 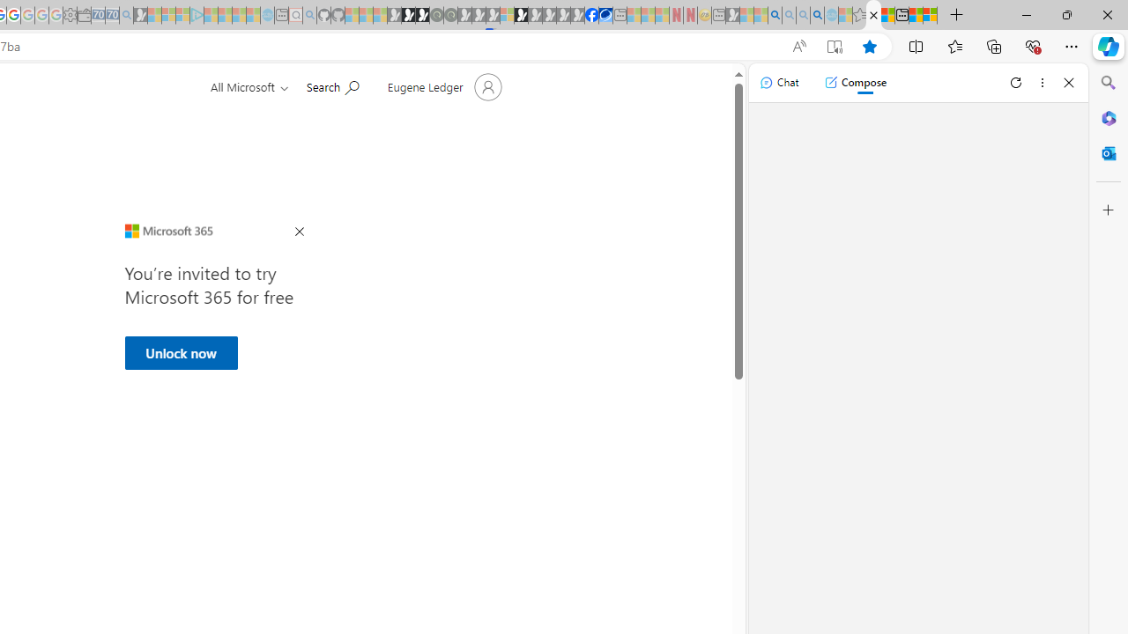 What do you see at coordinates (855, 82) in the screenshot?
I see `'Compose'` at bounding box center [855, 82].